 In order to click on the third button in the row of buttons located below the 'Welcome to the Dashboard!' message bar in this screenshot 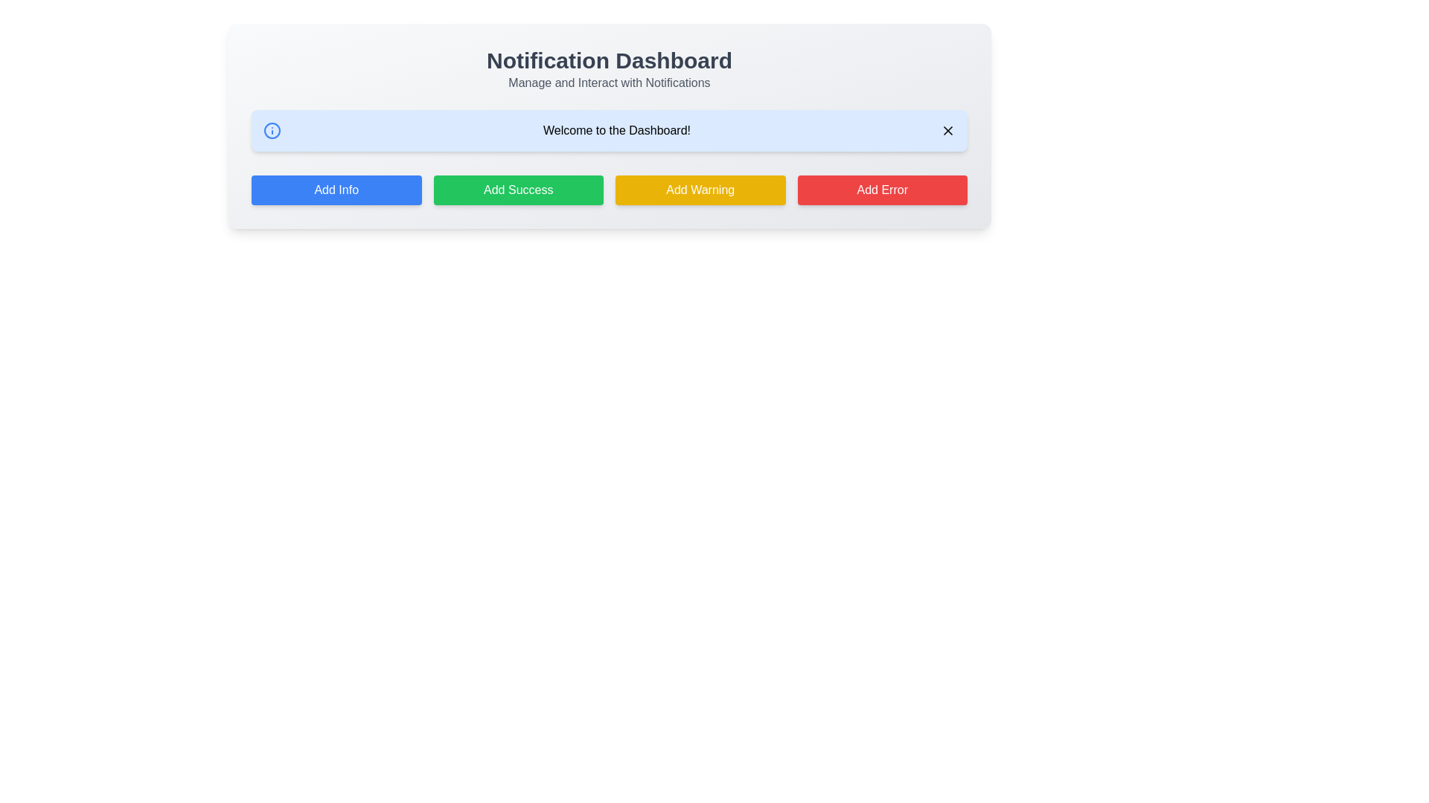, I will do `click(700, 189)`.